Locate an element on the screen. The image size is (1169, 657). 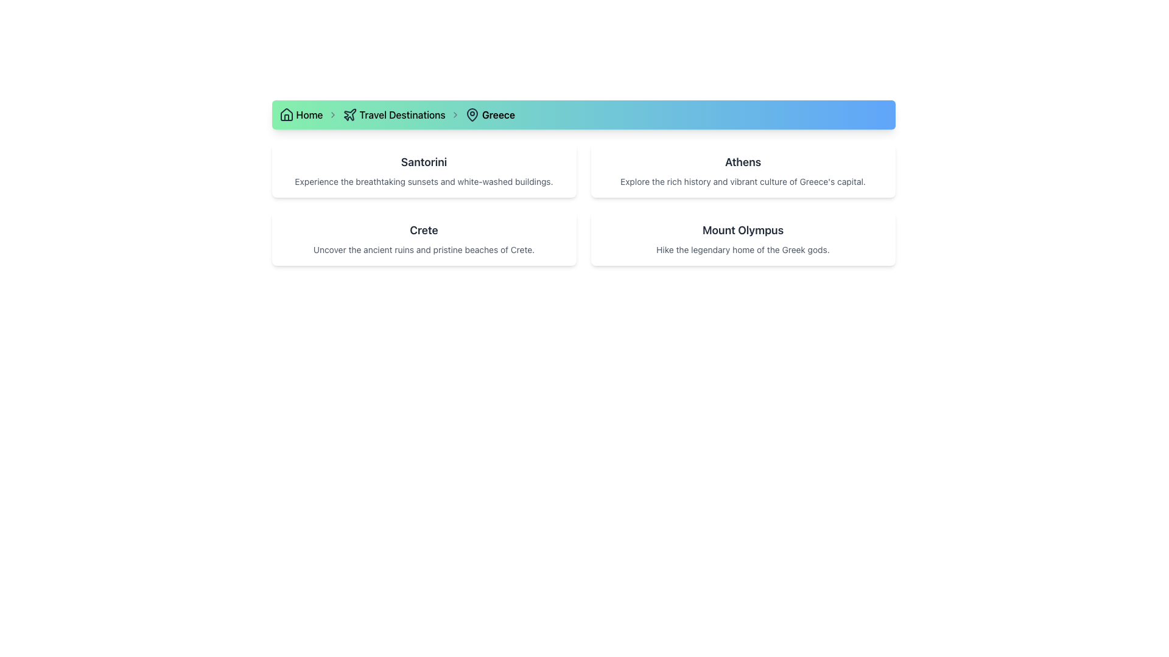
text snippet 'Uncover the ancient ruins and pristine beaches of Crete.' located at the bottom of the 'Crete' card, which is styled with a small gray font is located at coordinates (424, 249).